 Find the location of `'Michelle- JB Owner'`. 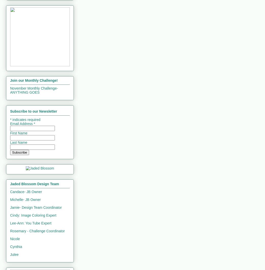

'Michelle- JB Owner' is located at coordinates (25, 199).